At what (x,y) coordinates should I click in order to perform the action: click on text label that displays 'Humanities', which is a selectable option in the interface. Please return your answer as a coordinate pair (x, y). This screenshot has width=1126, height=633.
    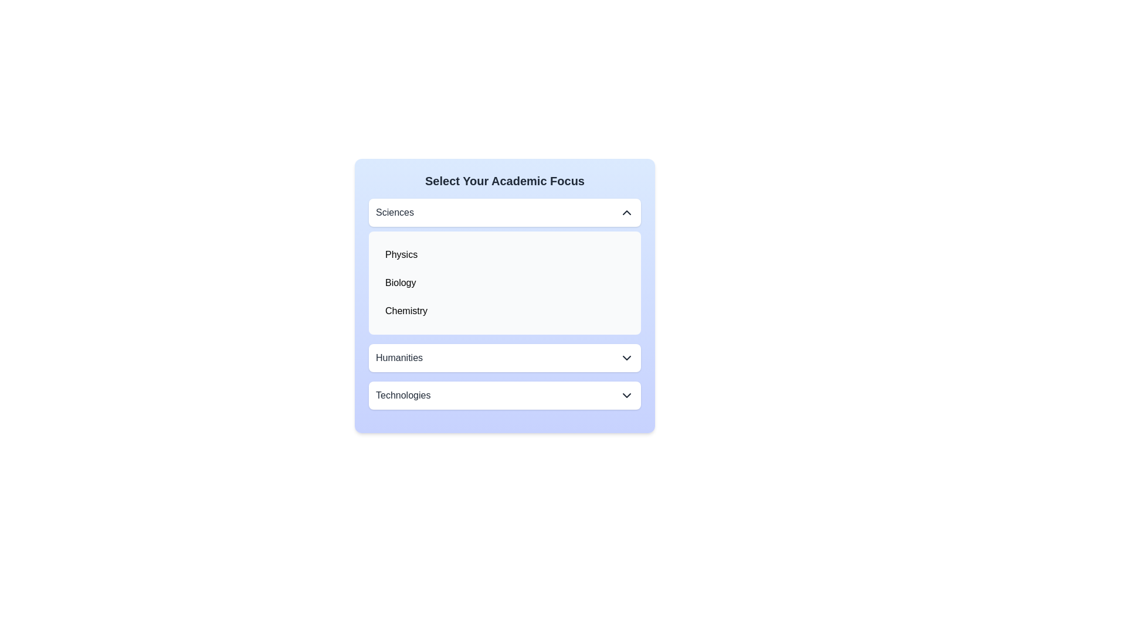
    Looking at the image, I should click on (399, 357).